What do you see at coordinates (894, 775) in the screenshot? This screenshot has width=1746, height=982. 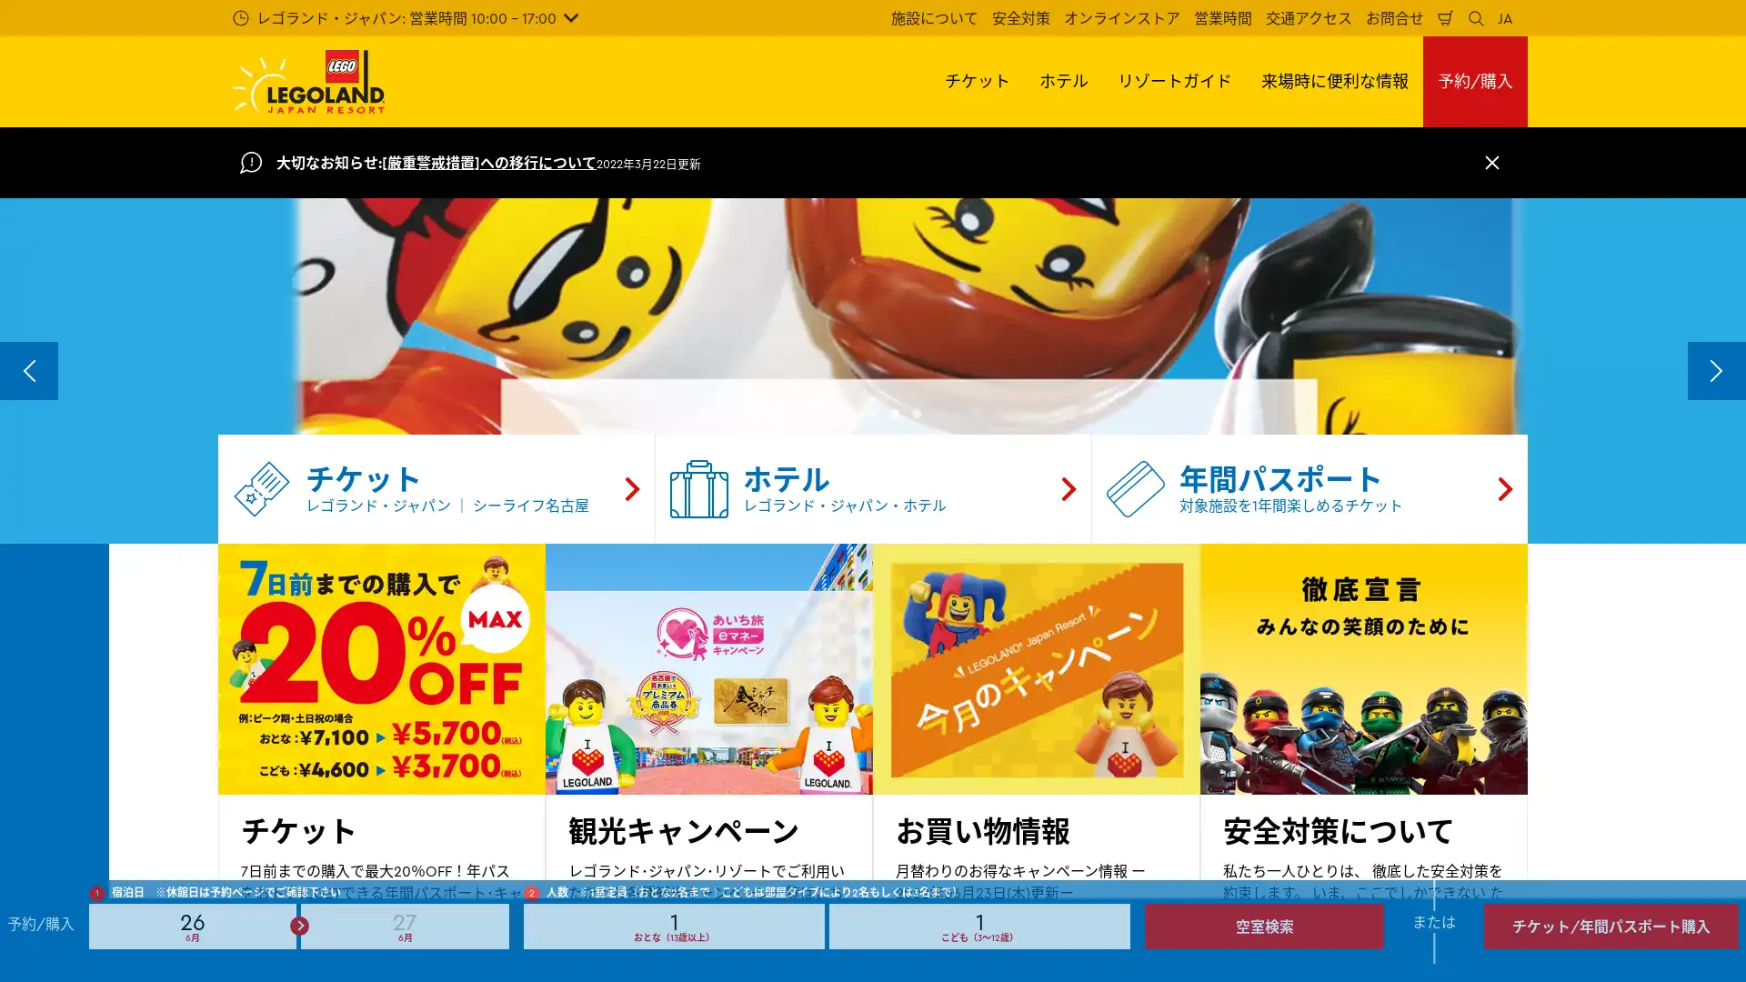 I see `Go to slide 4` at bounding box center [894, 775].